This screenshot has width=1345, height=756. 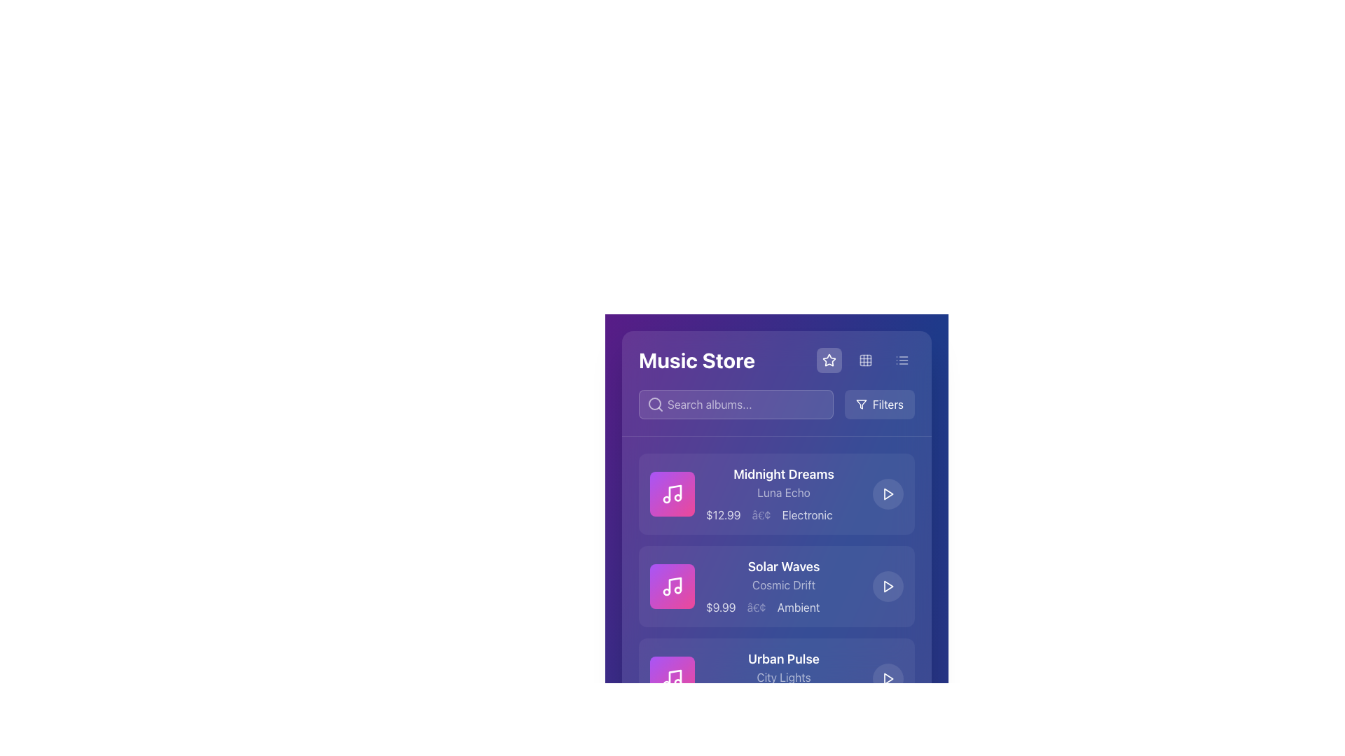 What do you see at coordinates (782, 492) in the screenshot?
I see `text label displaying 'Luna Echo', which is styled in light semi-transparent white color and is positioned beneath 'Midnight Dreams' within the music item card` at bounding box center [782, 492].